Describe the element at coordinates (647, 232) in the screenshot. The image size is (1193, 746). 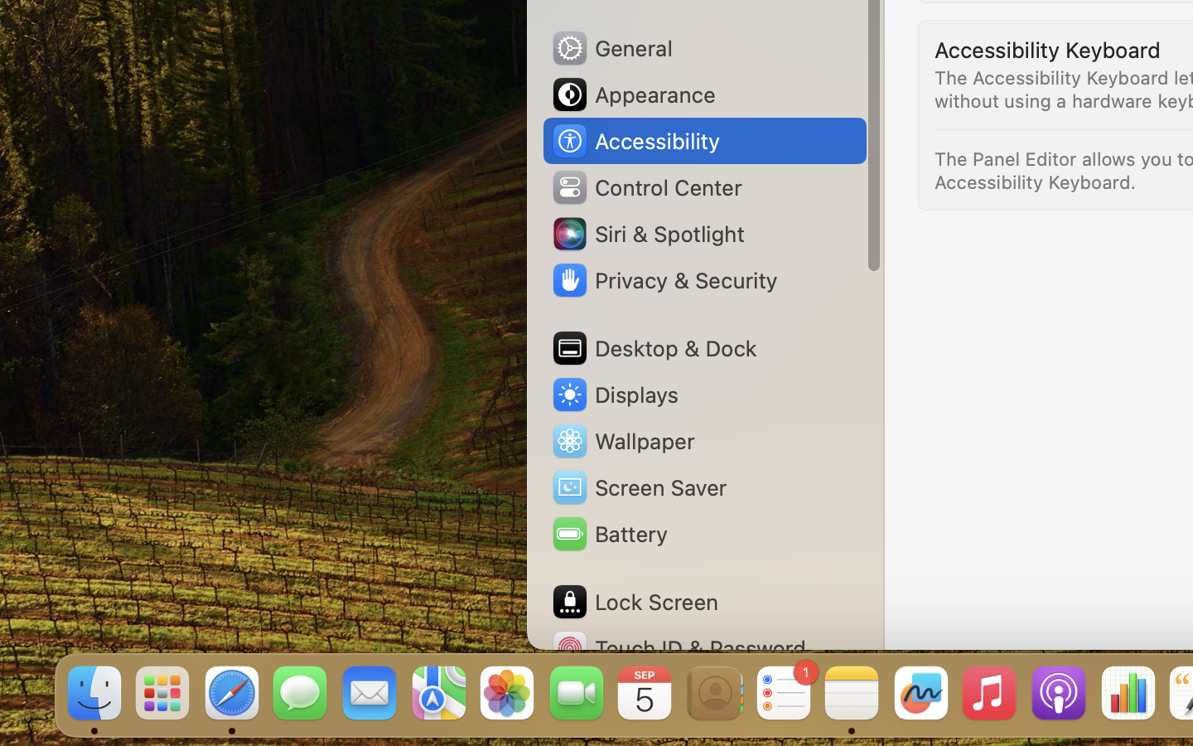
I see `'Siri & Spotlight'` at that location.